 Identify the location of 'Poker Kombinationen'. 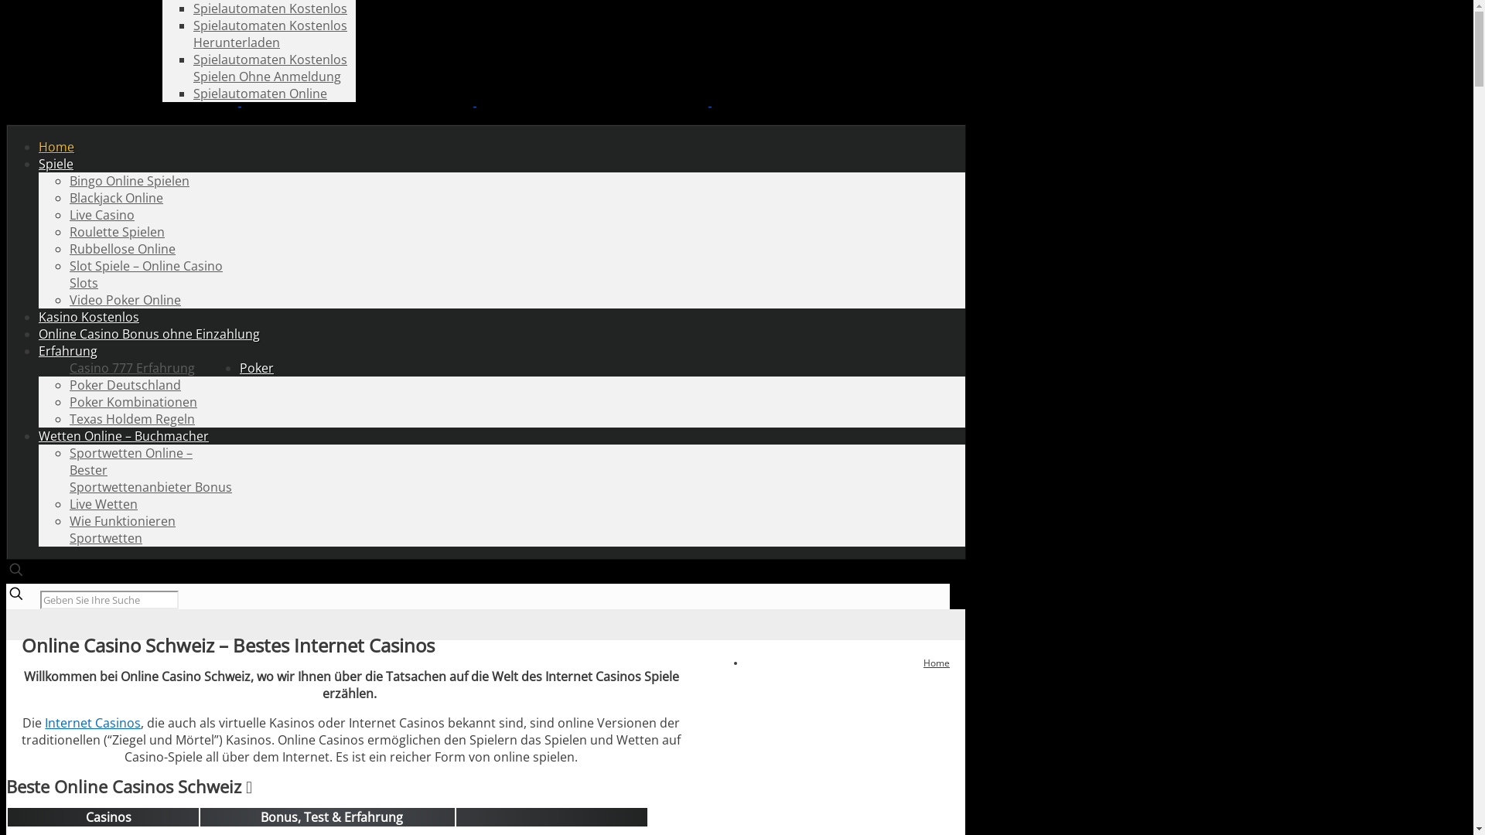
(133, 401).